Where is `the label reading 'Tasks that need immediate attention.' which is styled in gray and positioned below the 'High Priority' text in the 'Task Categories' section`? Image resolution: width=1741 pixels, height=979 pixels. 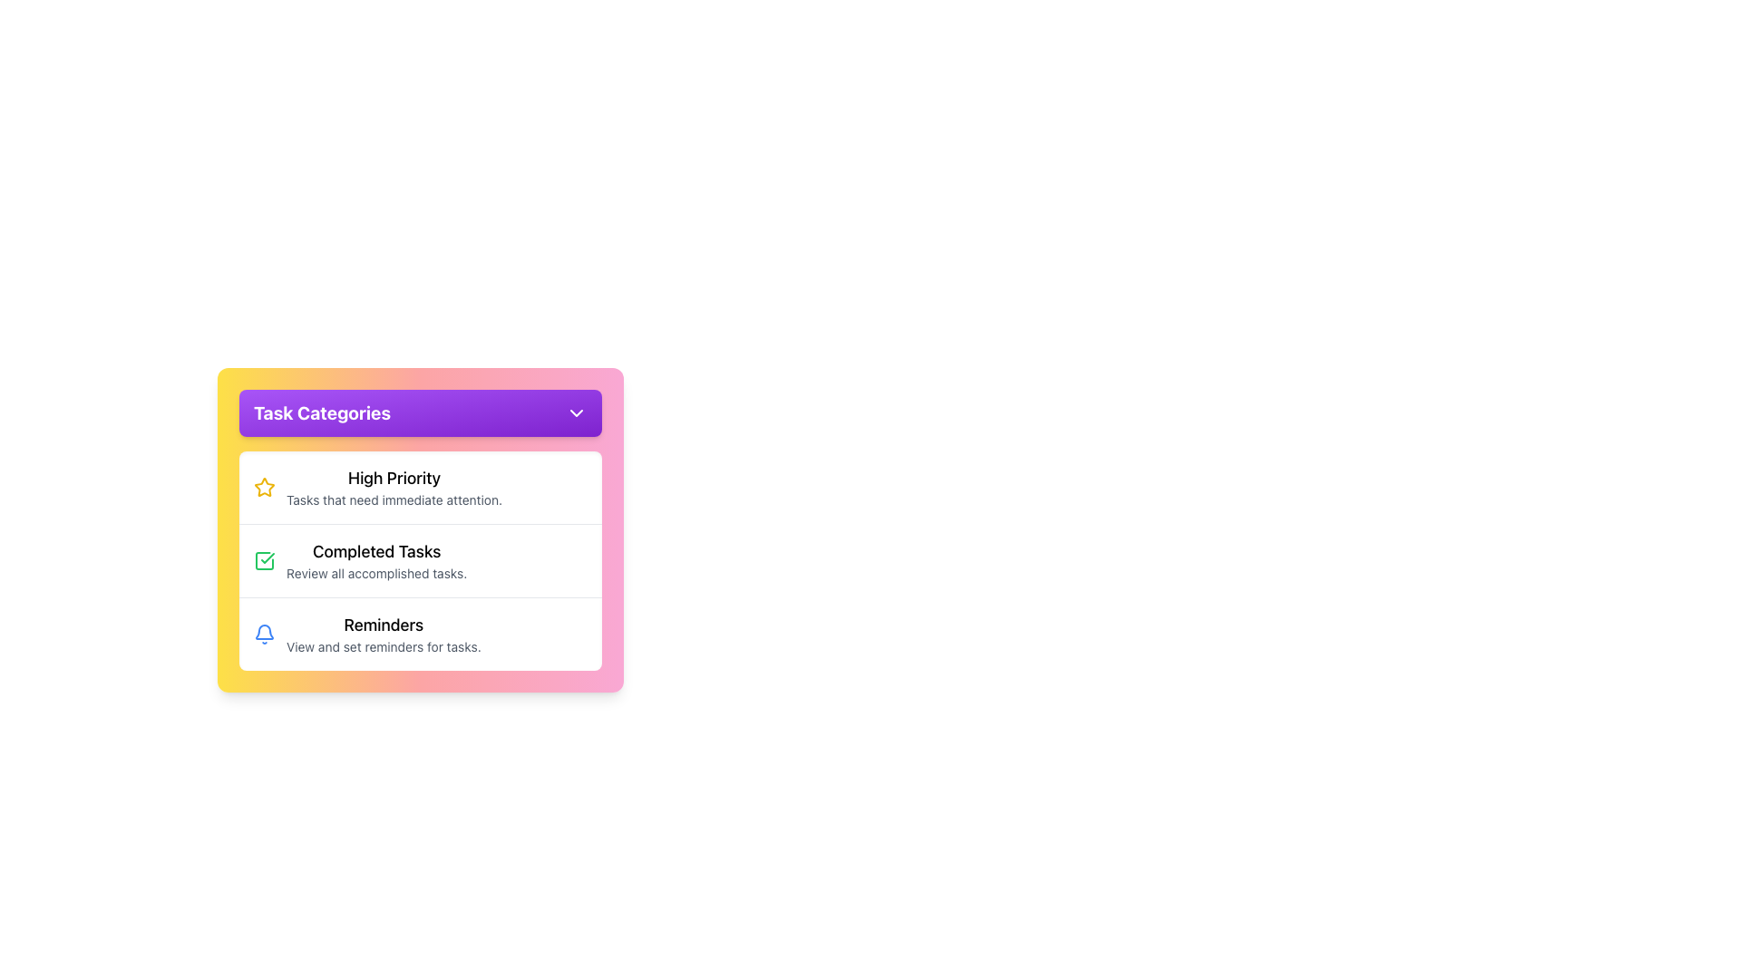 the label reading 'Tasks that need immediate attention.' which is styled in gray and positioned below the 'High Priority' text in the 'Task Categories' section is located at coordinates (394, 499).